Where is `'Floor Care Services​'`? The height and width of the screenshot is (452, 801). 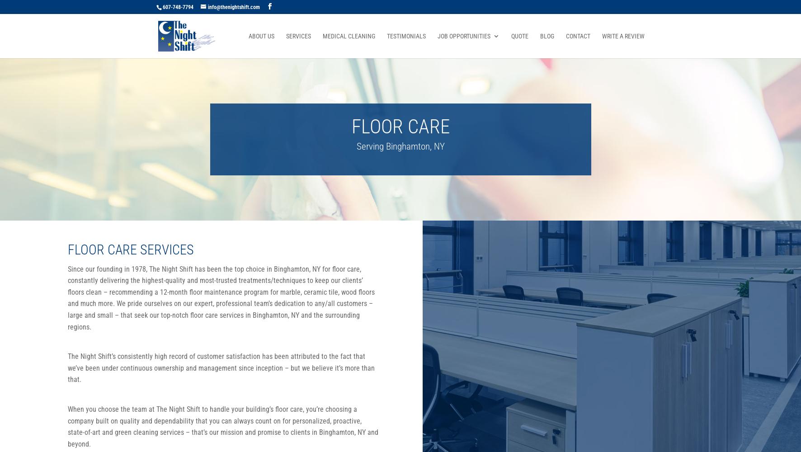
'Floor Care Services​' is located at coordinates (130, 249).